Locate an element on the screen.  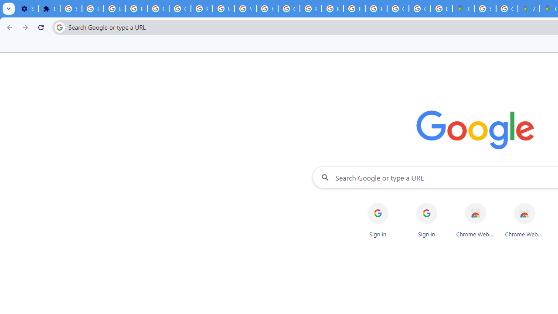
'Google Account Help' is located at coordinates (158, 9).